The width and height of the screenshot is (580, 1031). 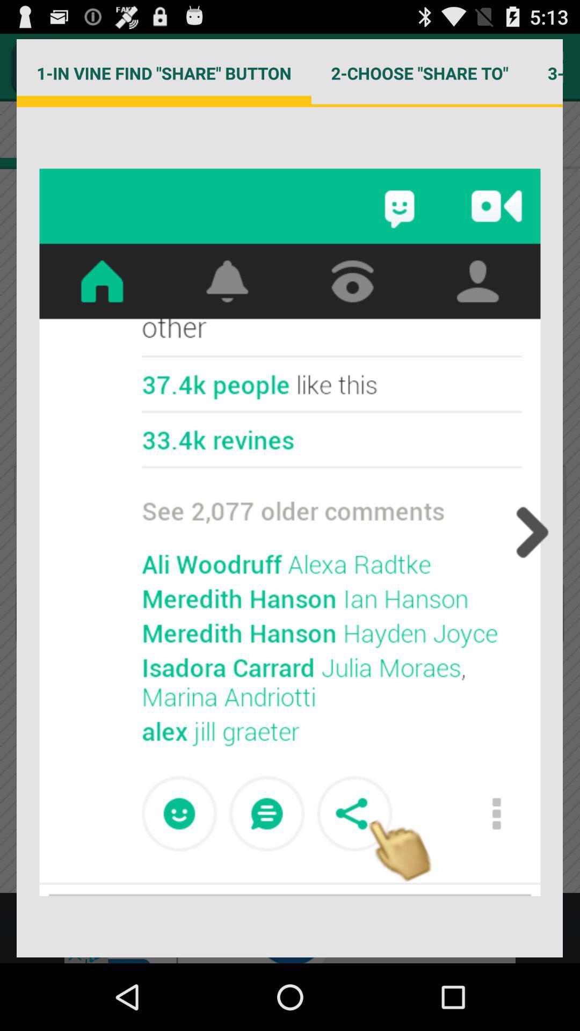 I want to click on the icon to the left of 2 choose share, so click(x=164, y=72).